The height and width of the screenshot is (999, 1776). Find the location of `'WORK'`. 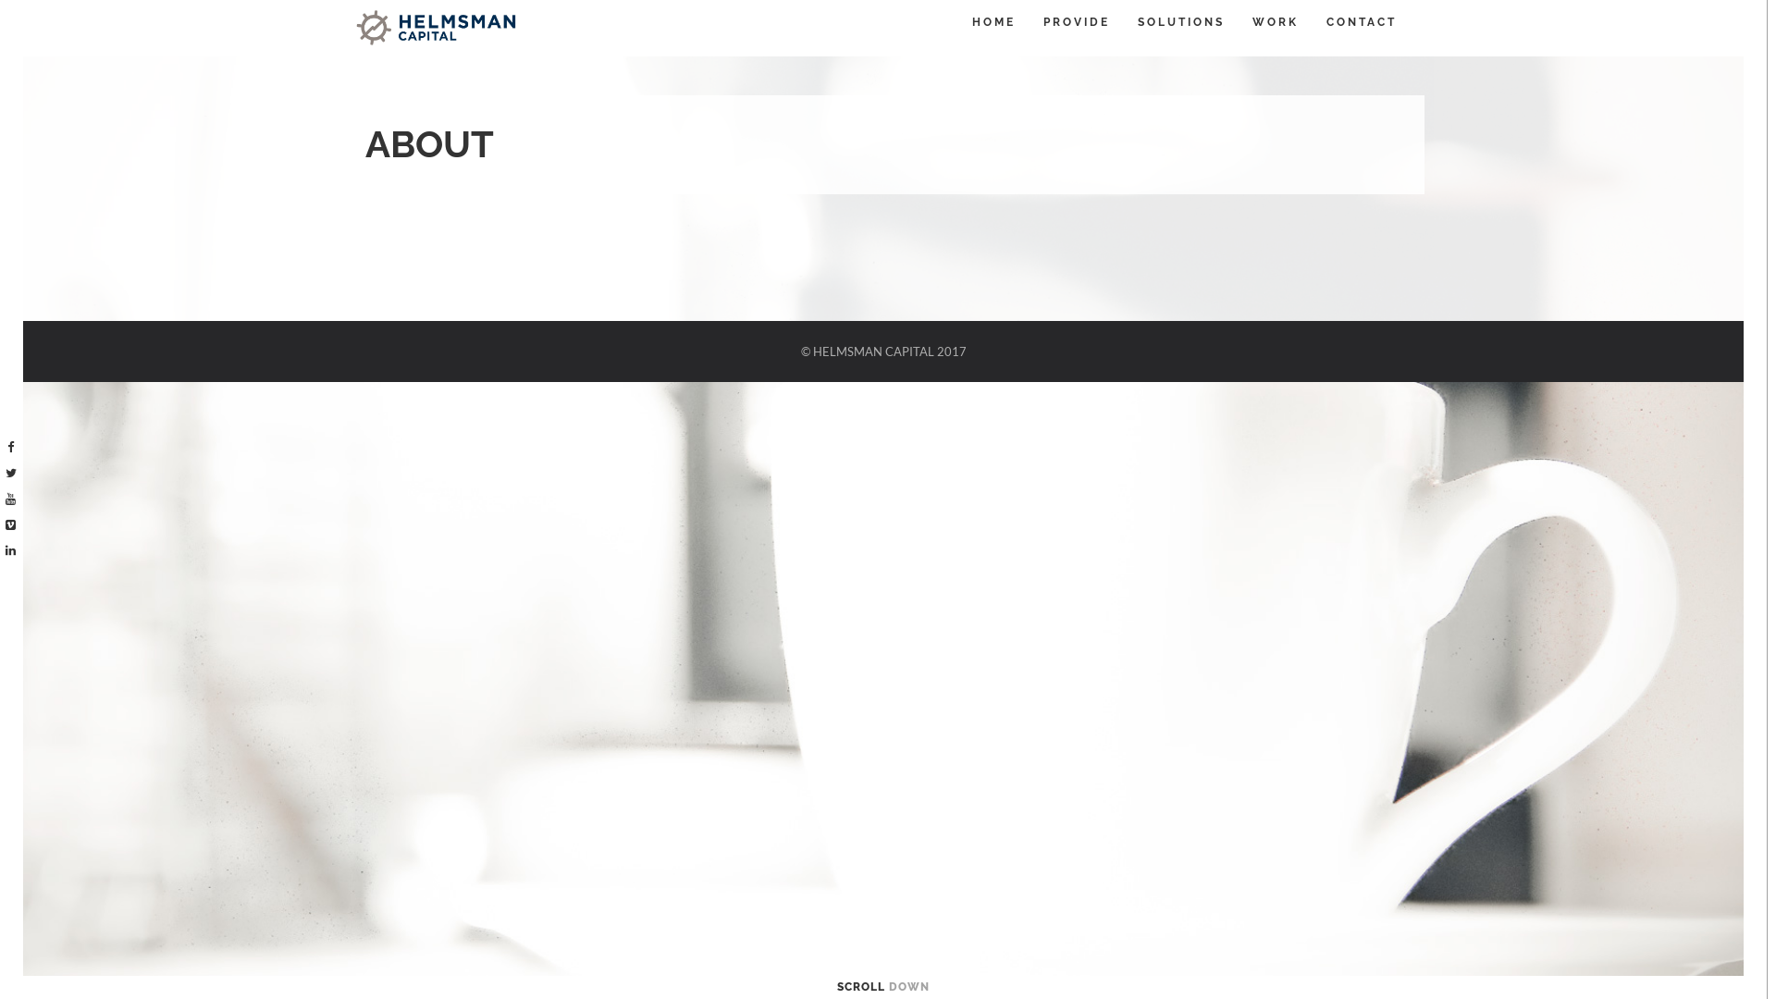

'WORK' is located at coordinates (1252, 21).